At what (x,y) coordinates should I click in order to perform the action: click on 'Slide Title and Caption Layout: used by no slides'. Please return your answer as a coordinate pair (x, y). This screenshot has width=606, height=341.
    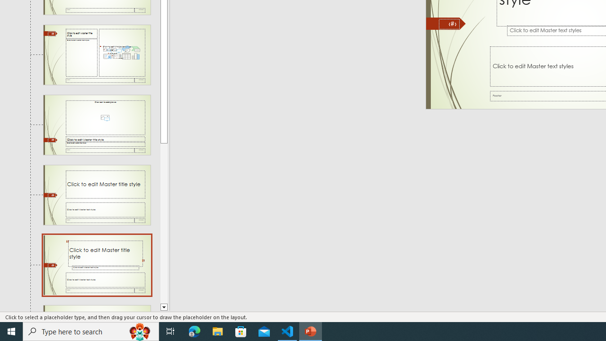
    Looking at the image, I should click on (97, 195).